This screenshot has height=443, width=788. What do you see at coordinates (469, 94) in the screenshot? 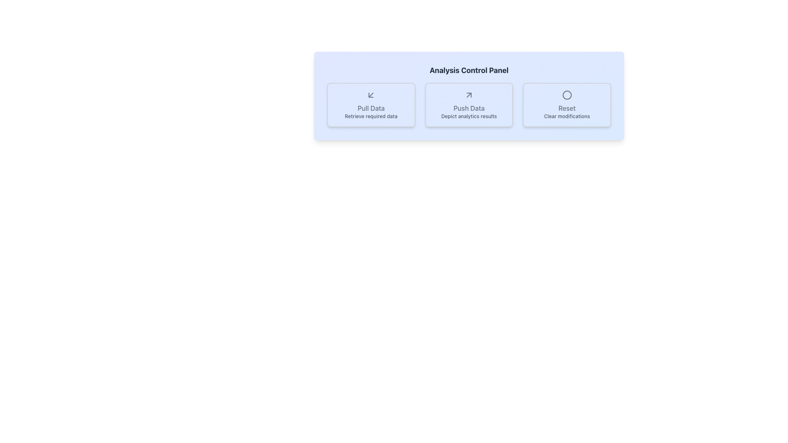
I see `the symbolic representation of the 'Push Data' icon located at the top-center of the second card titled 'Push Data' in a horizontal row of three cards` at bounding box center [469, 94].